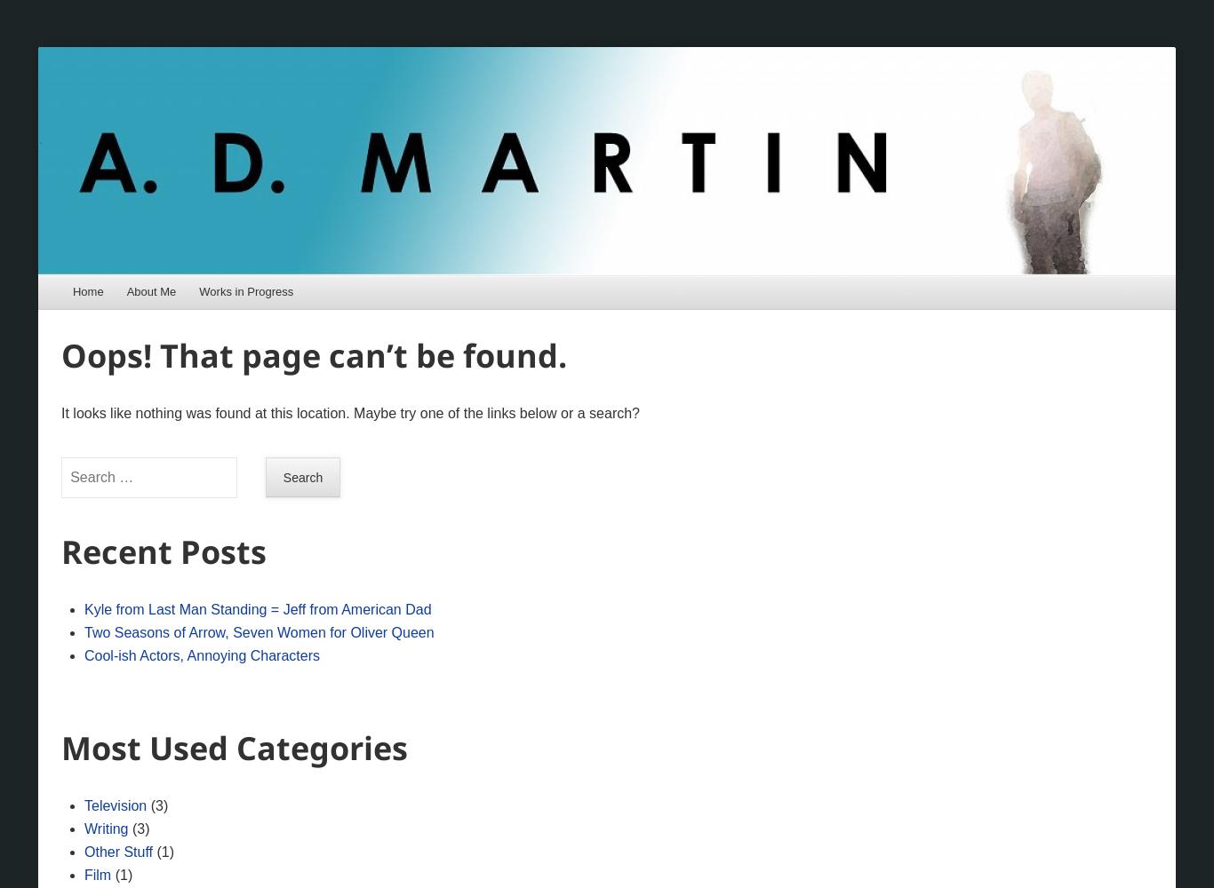 The height and width of the screenshot is (888, 1214). Describe the element at coordinates (98, 297) in the screenshot. I see `'Menu'` at that location.